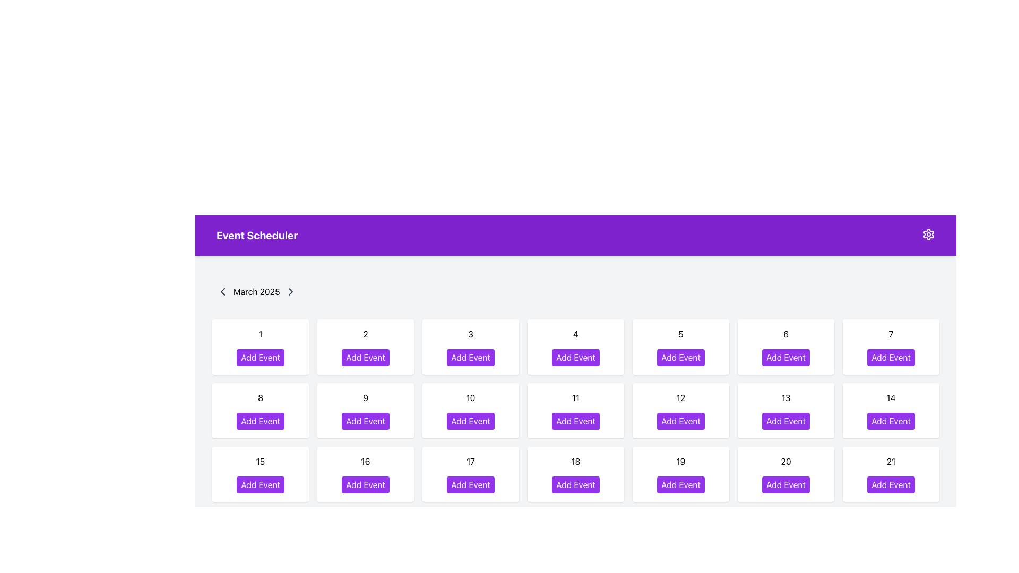 The height and width of the screenshot is (573, 1019). I want to click on the 'Add Event' button with a white text on a vivid purple background located under the header 'March 2025', specifically the sixth button in the top row of the calendar grid, so click(786, 358).